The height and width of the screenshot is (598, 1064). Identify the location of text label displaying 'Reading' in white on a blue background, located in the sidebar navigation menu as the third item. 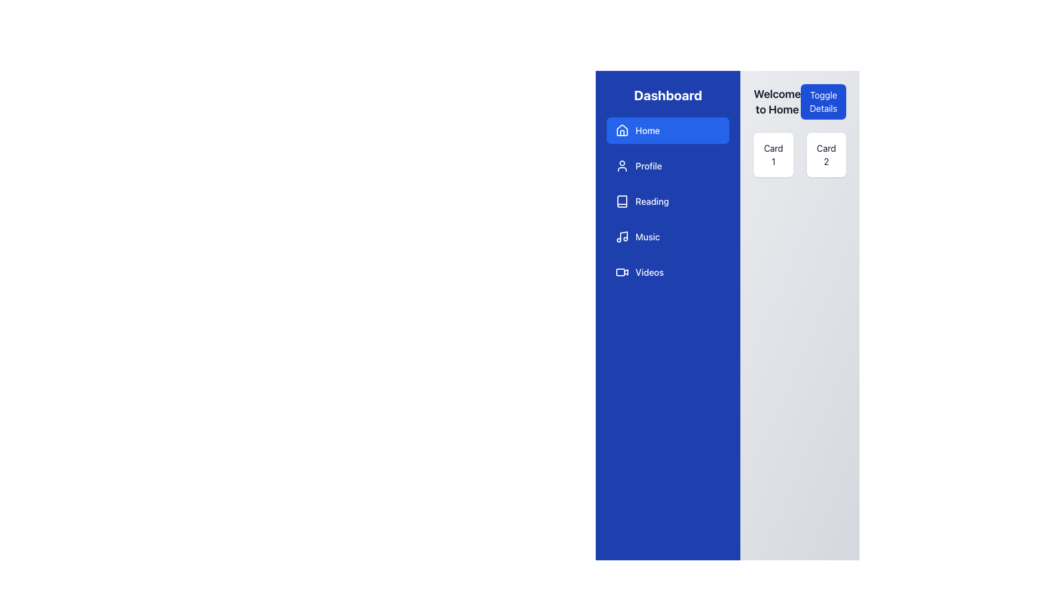
(652, 201).